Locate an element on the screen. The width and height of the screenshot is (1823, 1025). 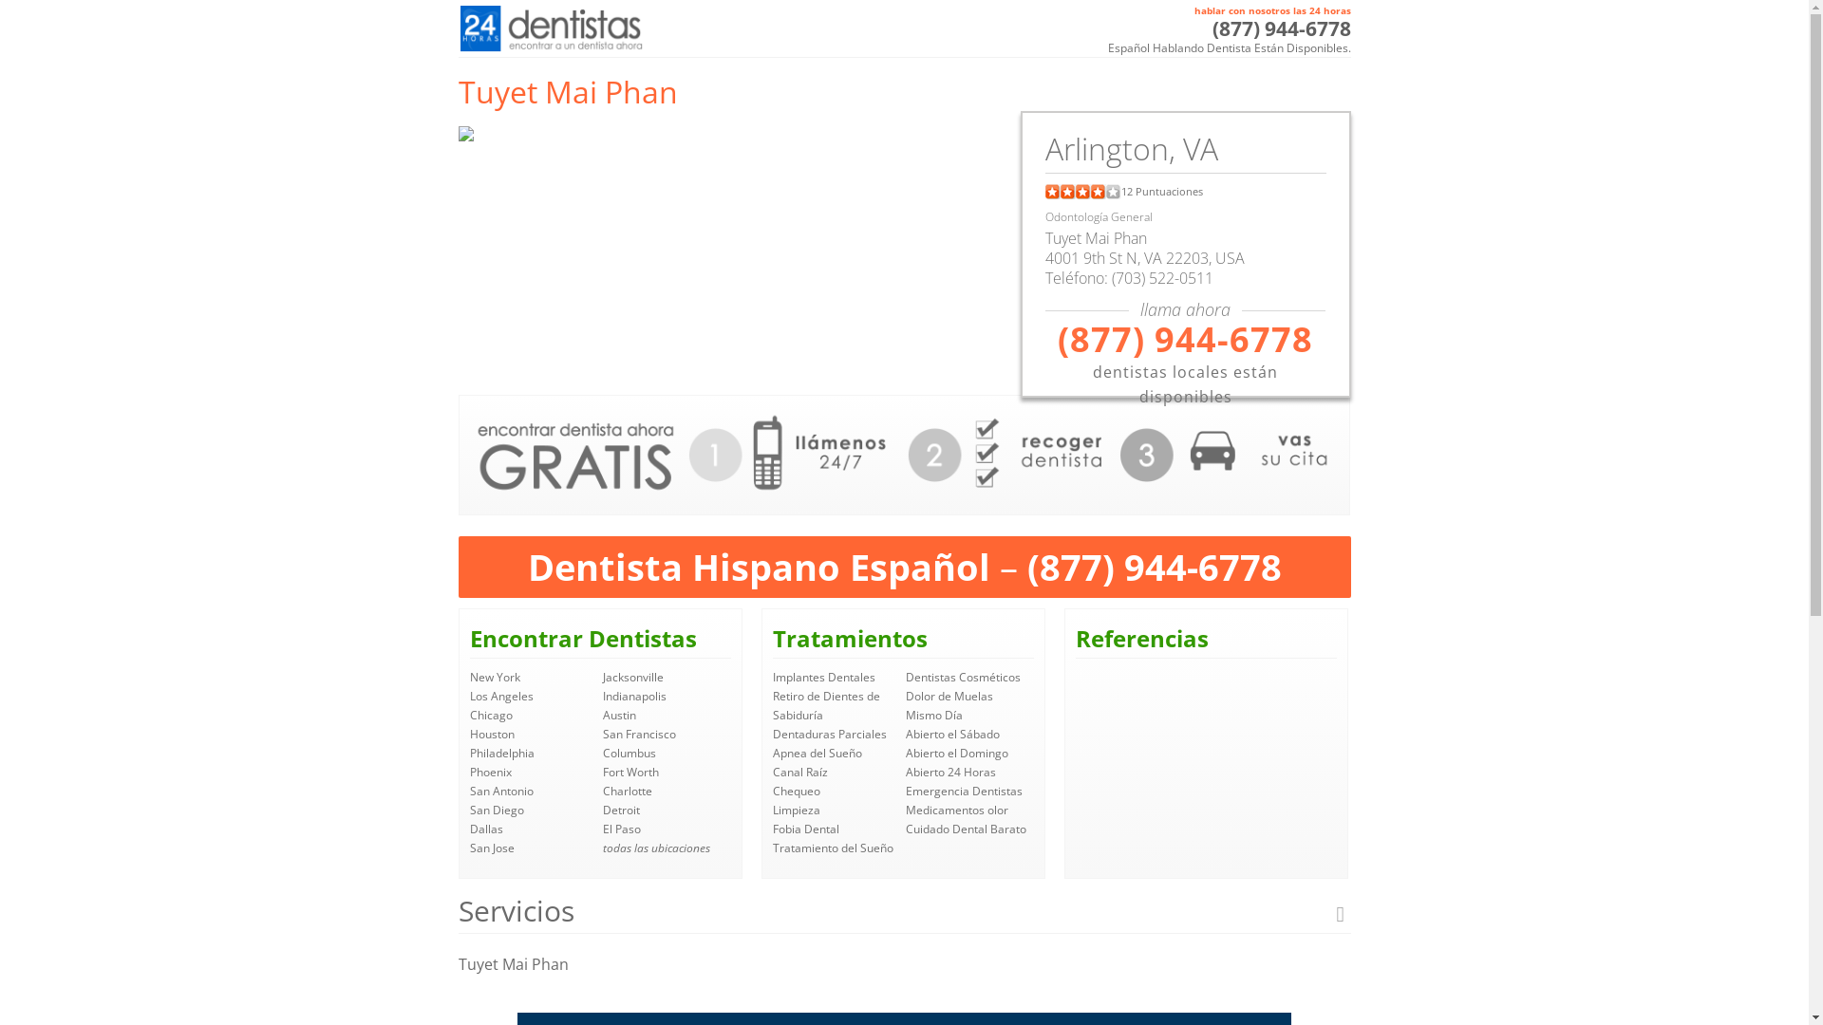
'New York' is located at coordinates (494, 676).